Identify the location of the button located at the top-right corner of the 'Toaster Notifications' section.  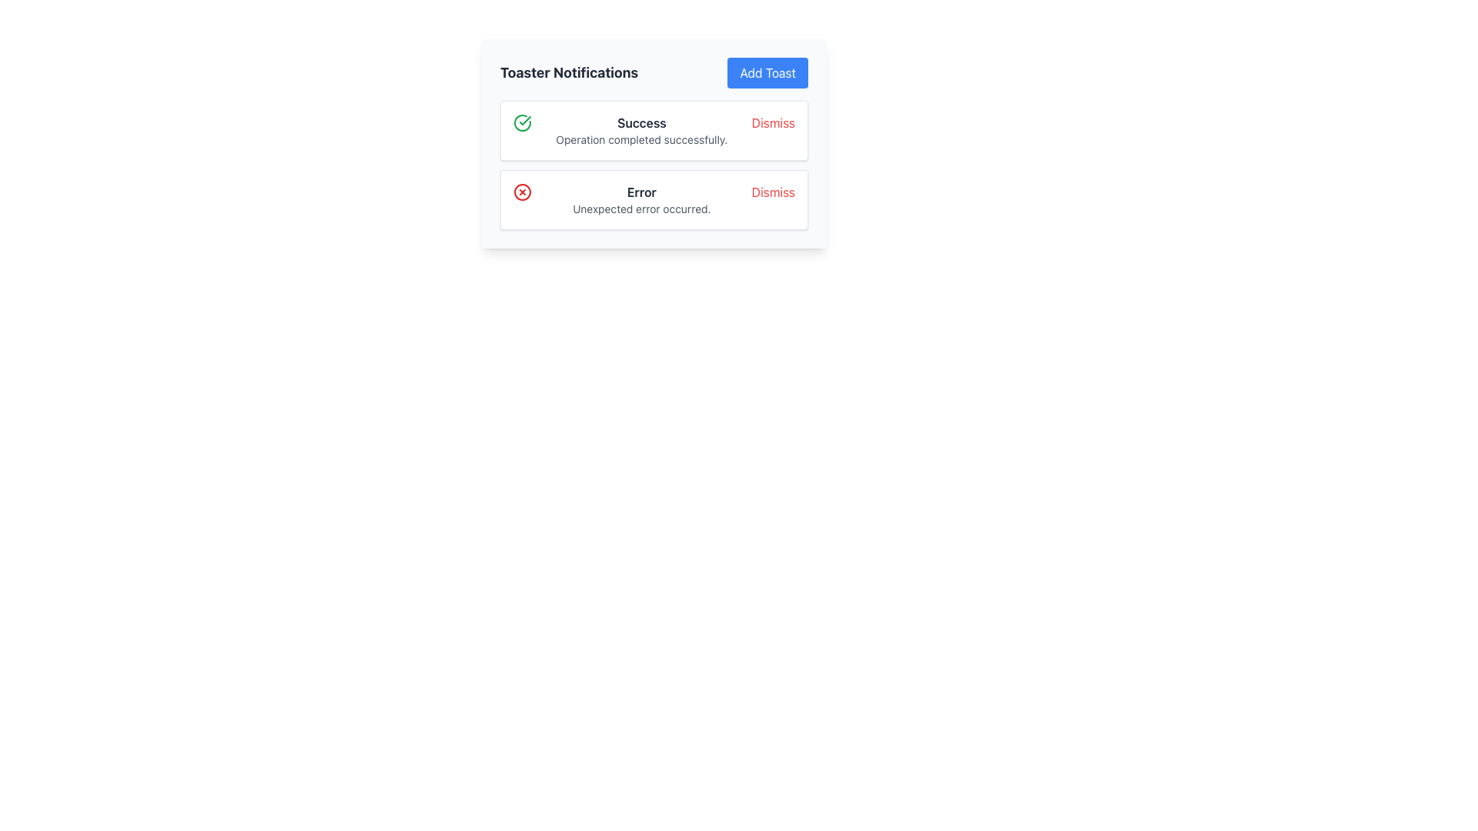
(767, 73).